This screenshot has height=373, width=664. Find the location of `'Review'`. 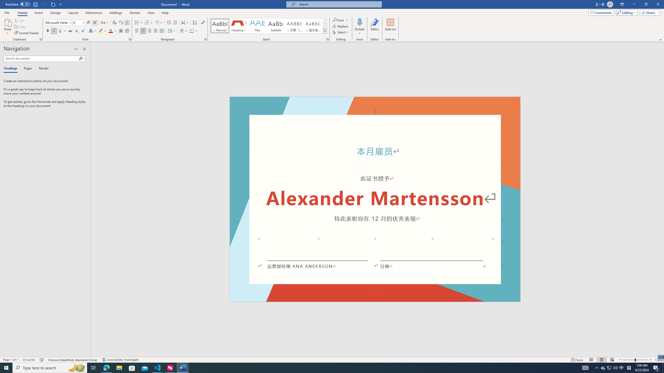

'Review' is located at coordinates (134, 13).